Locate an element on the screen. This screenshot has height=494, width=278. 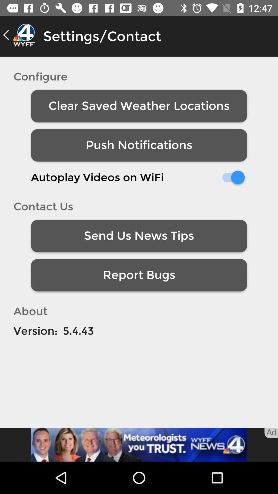
advertised site is located at coordinates (139, 444).